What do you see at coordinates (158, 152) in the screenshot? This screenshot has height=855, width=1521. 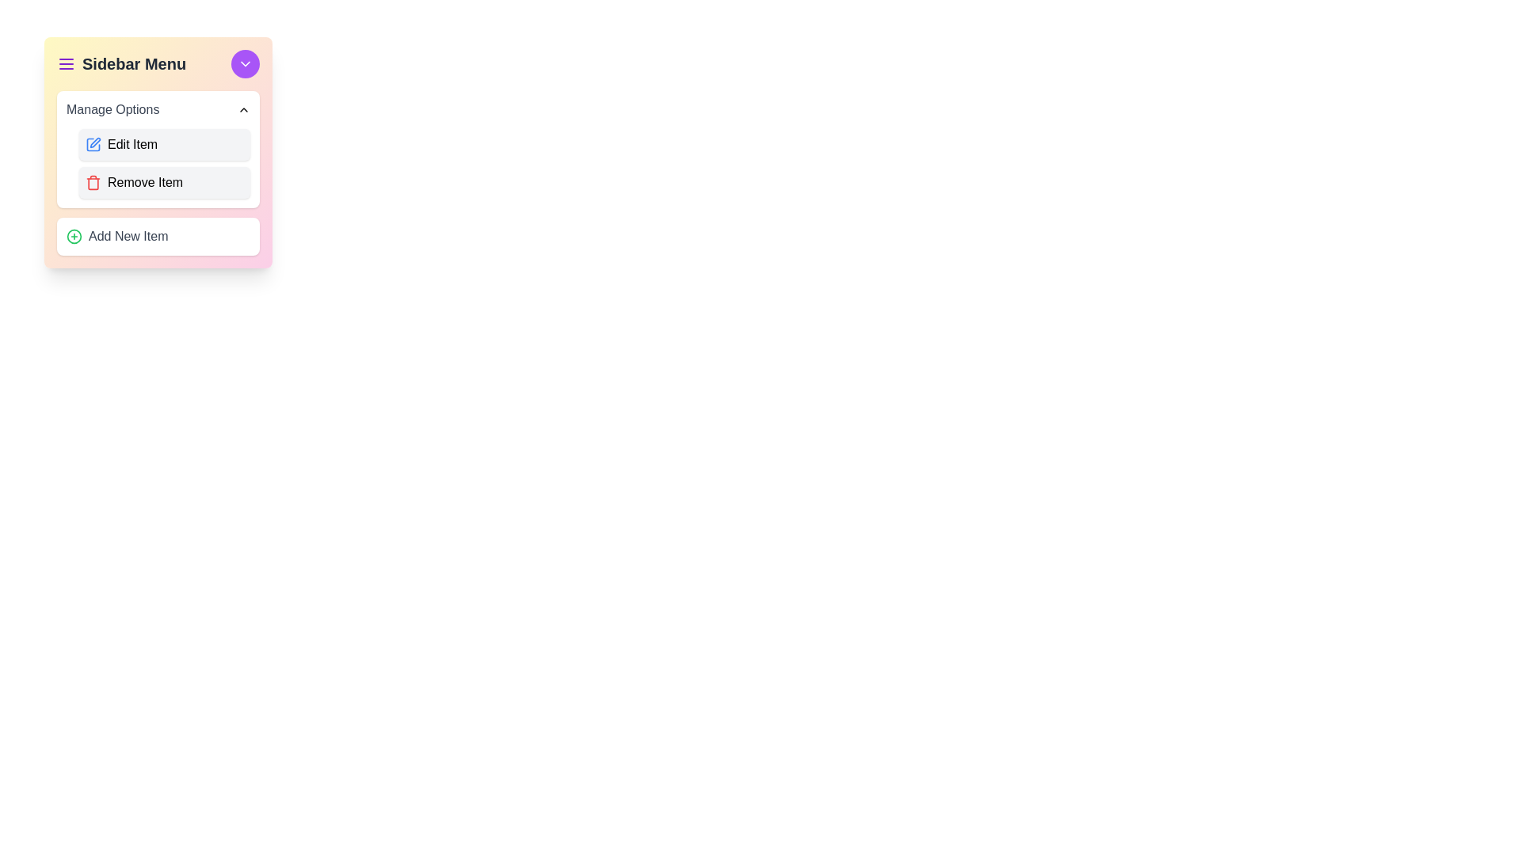 I see `the first button in the 'Manage Options' section of the sidebar menu` at bounding box center [158, 152].